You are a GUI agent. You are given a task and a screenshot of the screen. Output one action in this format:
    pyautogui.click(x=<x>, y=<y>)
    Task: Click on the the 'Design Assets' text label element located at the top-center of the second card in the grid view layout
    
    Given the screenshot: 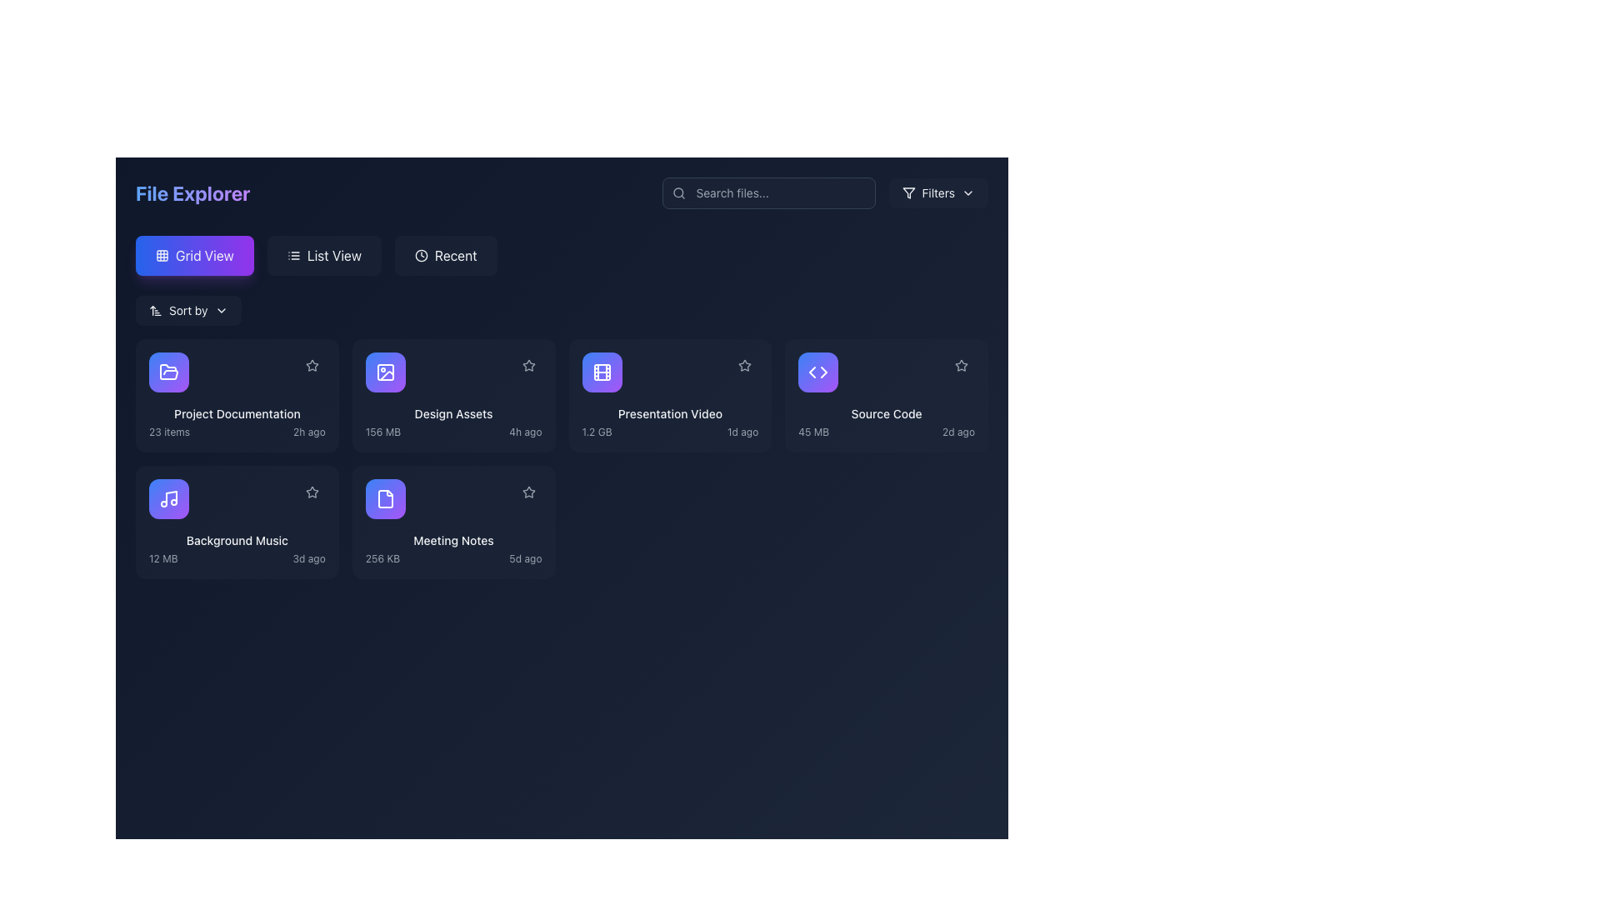 What is the action you would take?
    pyautogui.click(x=453, y=413)
    